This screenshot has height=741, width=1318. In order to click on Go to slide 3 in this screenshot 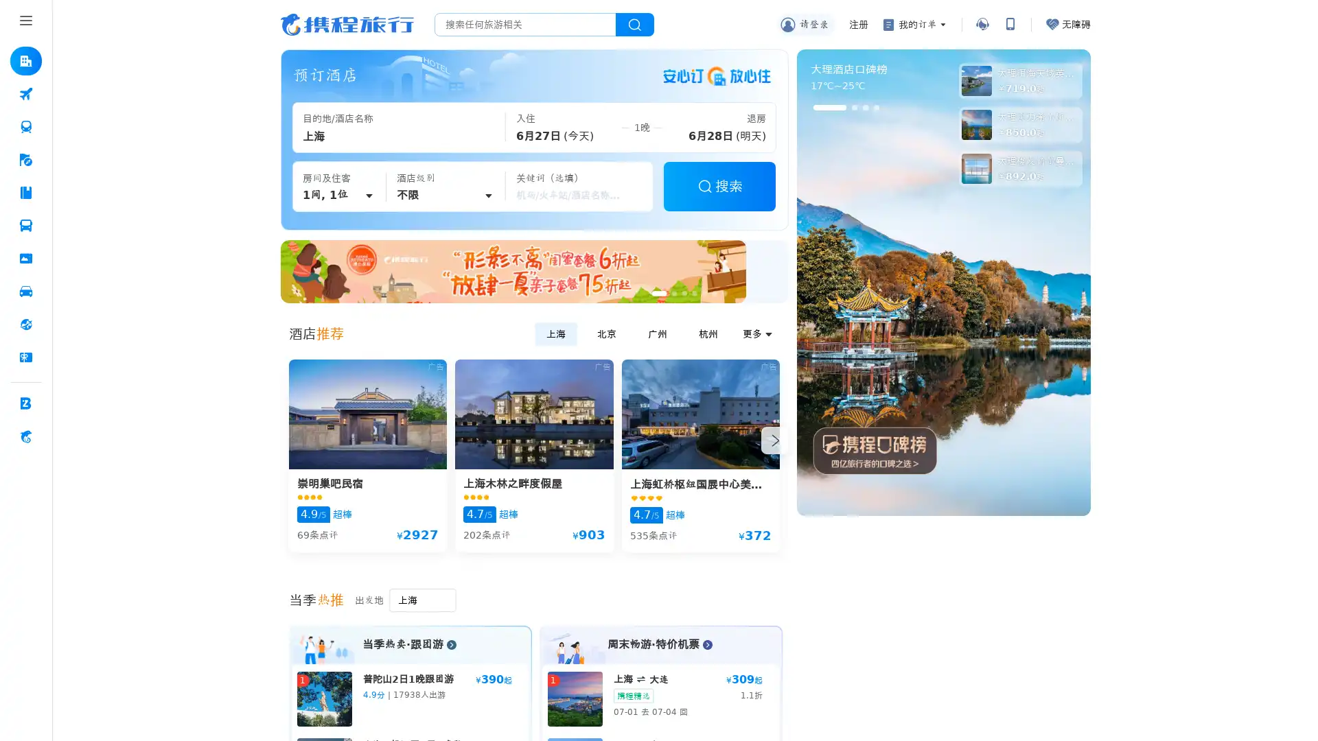, I will do `click(720, 298)`.